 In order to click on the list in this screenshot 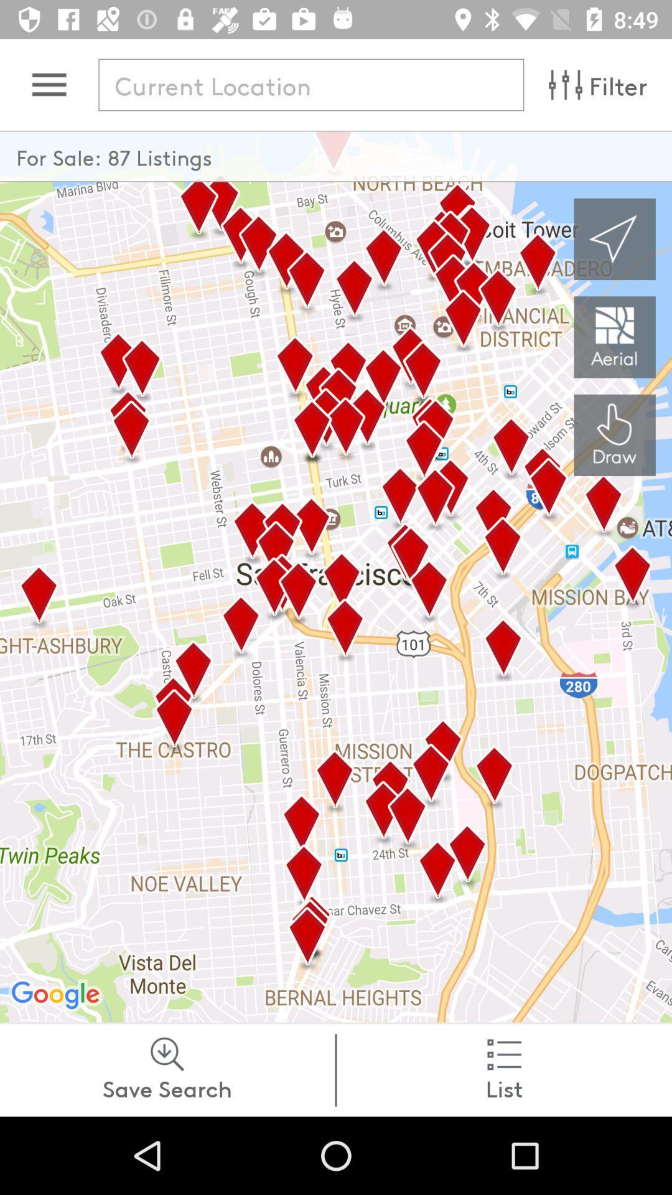, I will do `click(504, 1069)`.